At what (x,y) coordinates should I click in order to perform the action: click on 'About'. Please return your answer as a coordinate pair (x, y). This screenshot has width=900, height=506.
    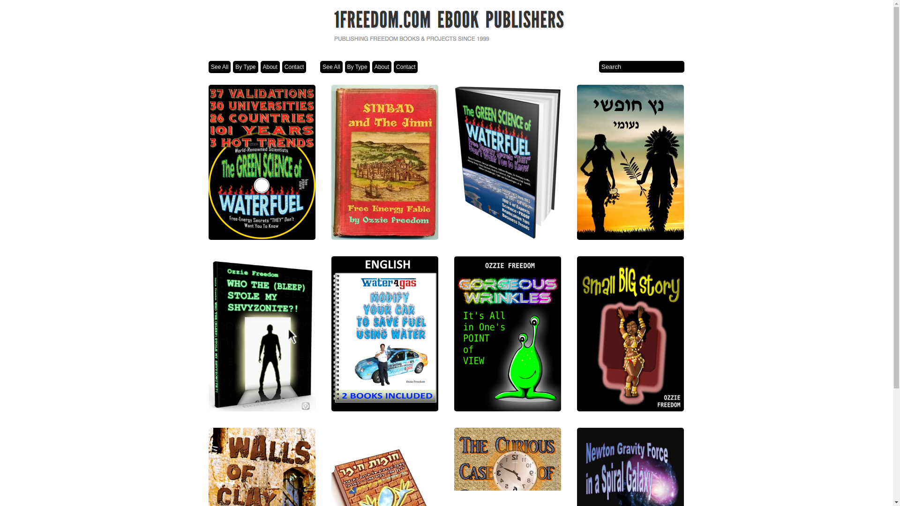
    Looking at the image, I should click on (261, 66).